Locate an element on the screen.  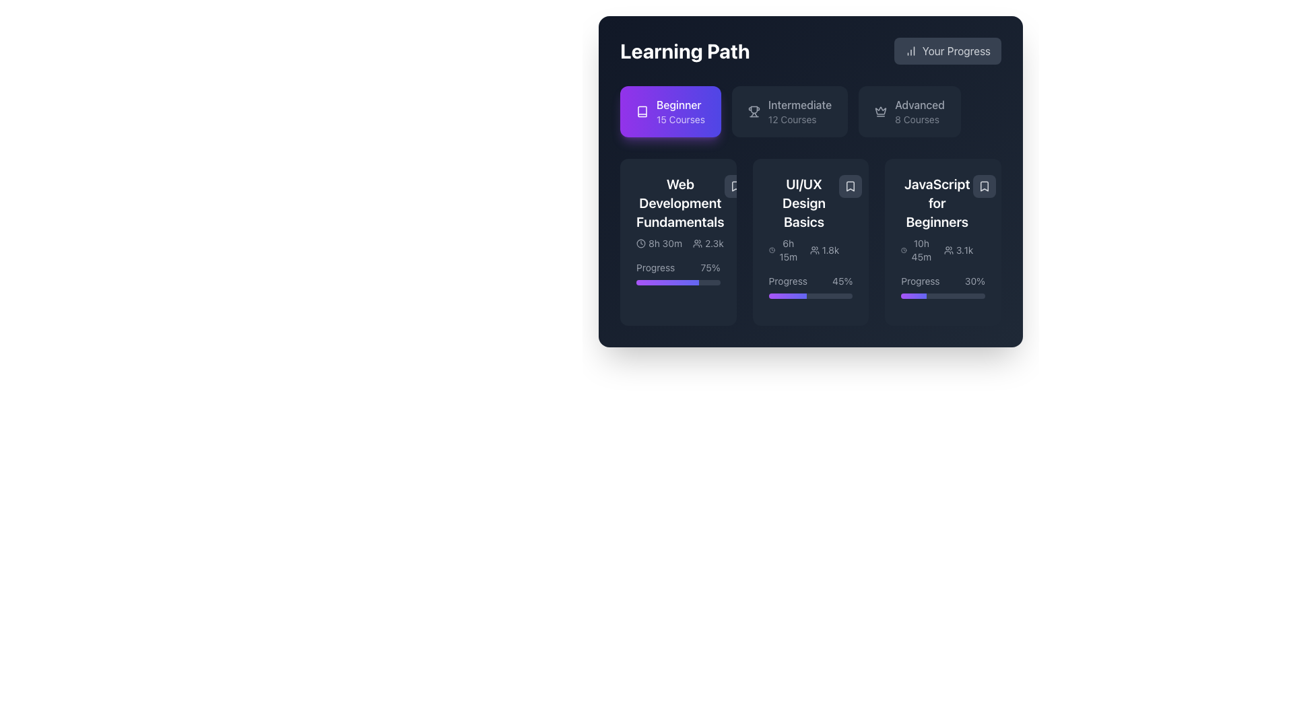
the progress value is located at coordinates (916, 295).